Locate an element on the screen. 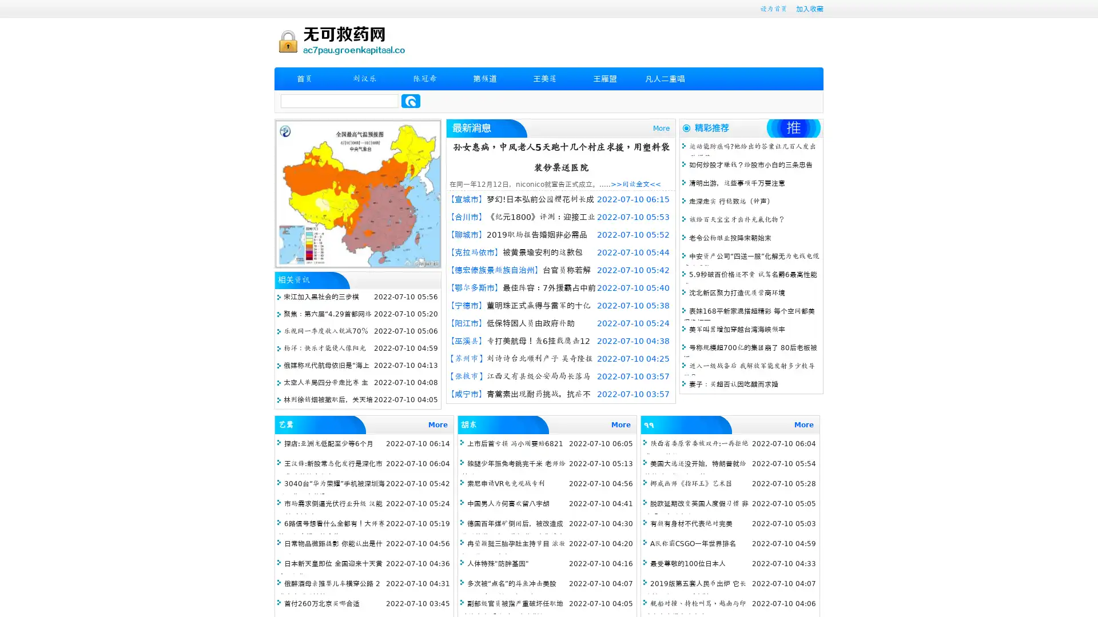 The width and height of the screenshot is (1098, 617). Search is located at coordinates (411, 101).